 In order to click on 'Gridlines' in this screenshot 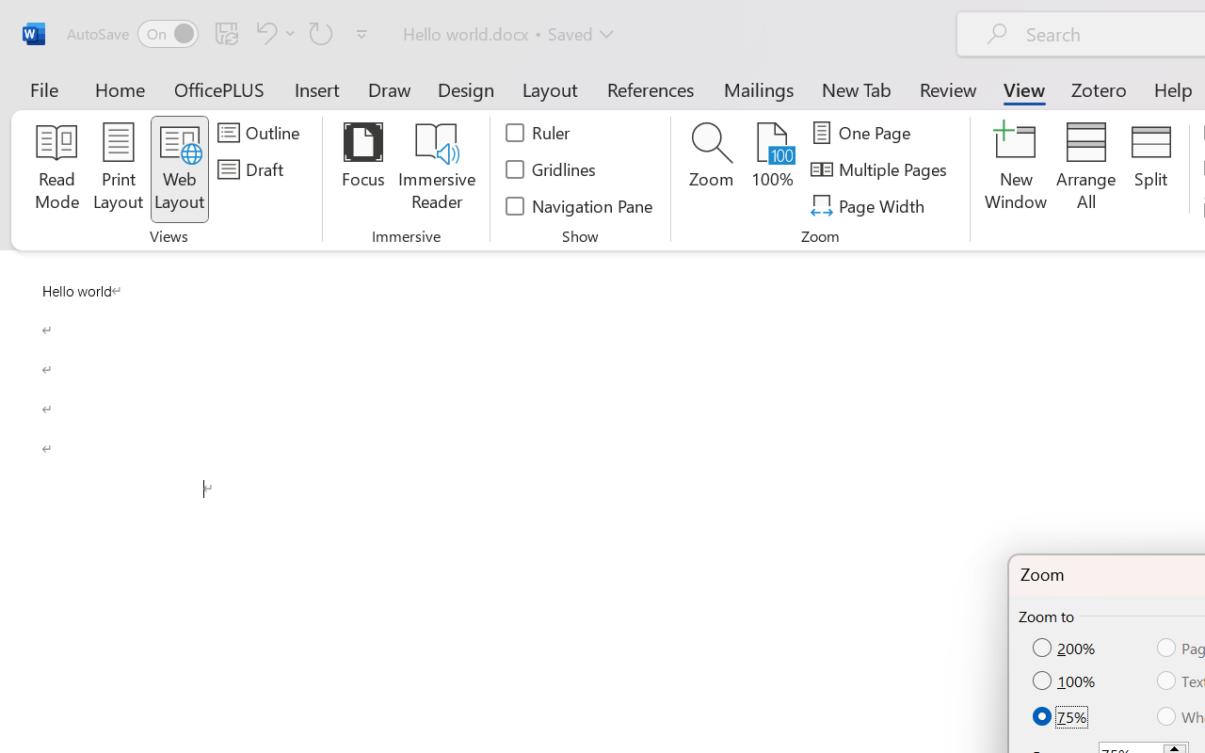, I will do `click(551, 168)`.